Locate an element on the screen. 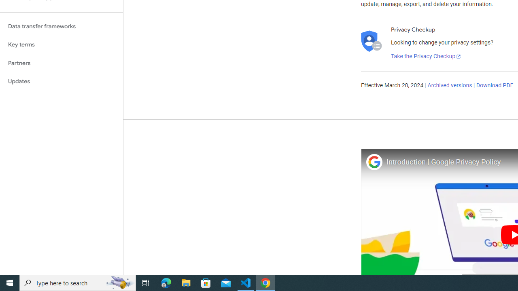  'Photo image of Google' is located at coordinates (374, 162).